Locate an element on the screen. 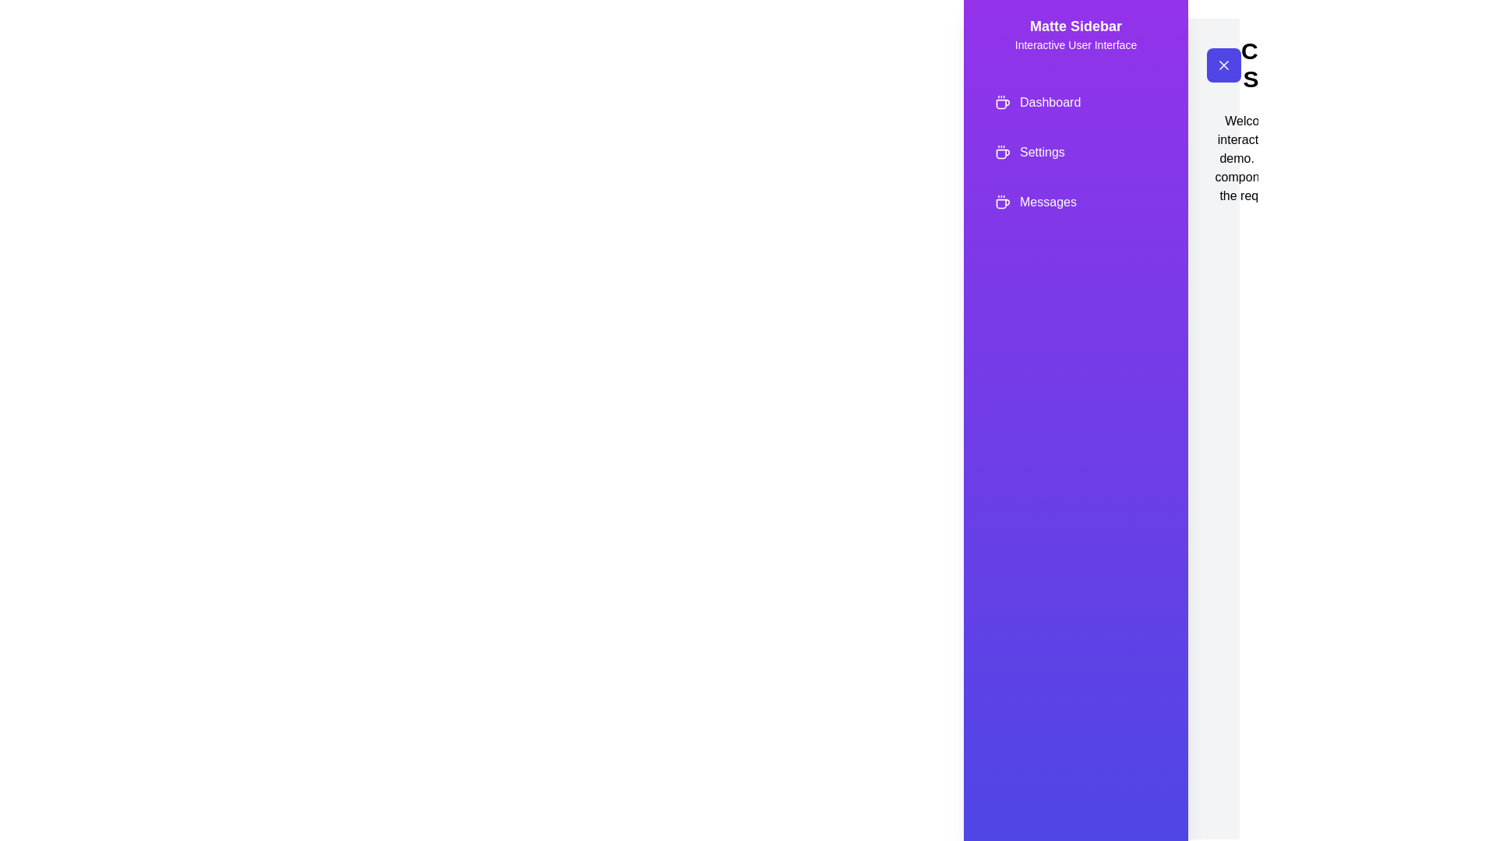 This screenshot has width=1496, height=841. the coffee cup icon with a modern line-art design located to the left of the 'Settings' text in the vertical sidebar is located at coordinates (1002, 153).